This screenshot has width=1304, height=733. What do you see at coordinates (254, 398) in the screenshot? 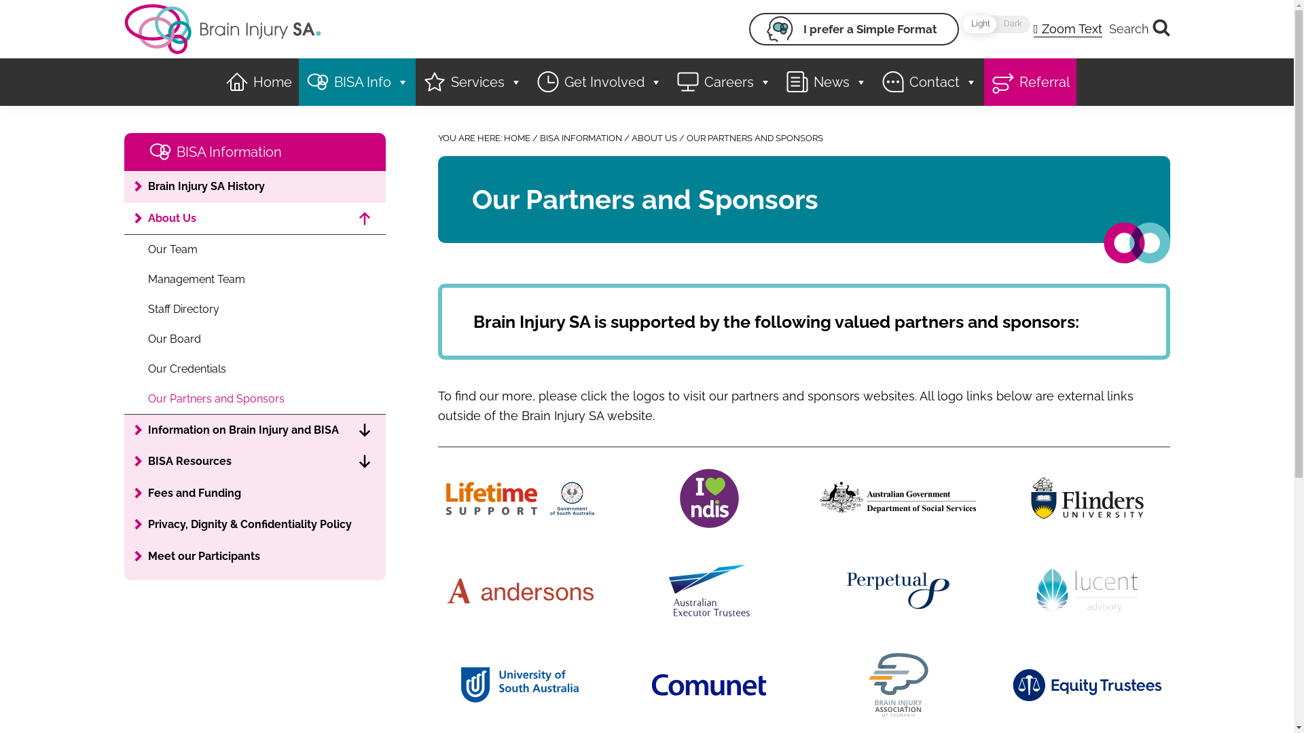
I see `'Our Partners and Sponsors'` at bounding box center [254, 398].